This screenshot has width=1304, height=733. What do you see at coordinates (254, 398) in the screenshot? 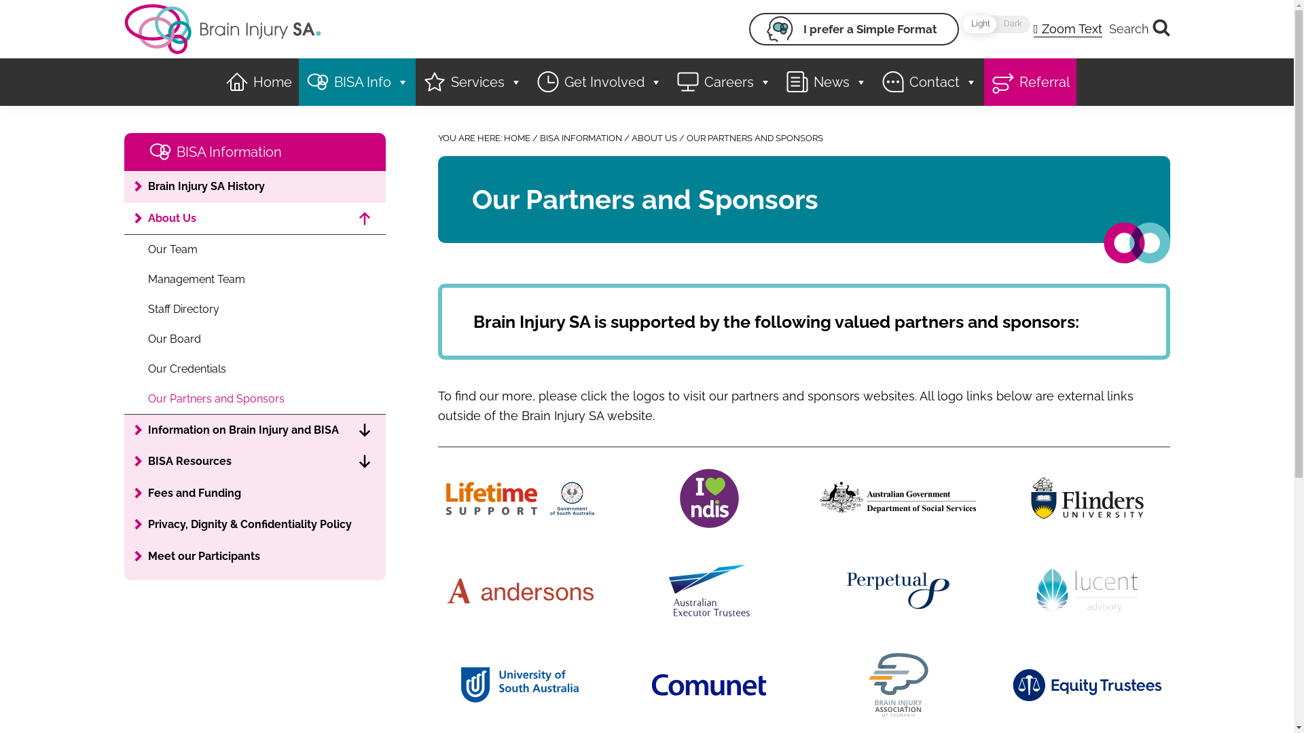
I see `'Our Partners and Sponsors'` at bounding box center [254, 398].